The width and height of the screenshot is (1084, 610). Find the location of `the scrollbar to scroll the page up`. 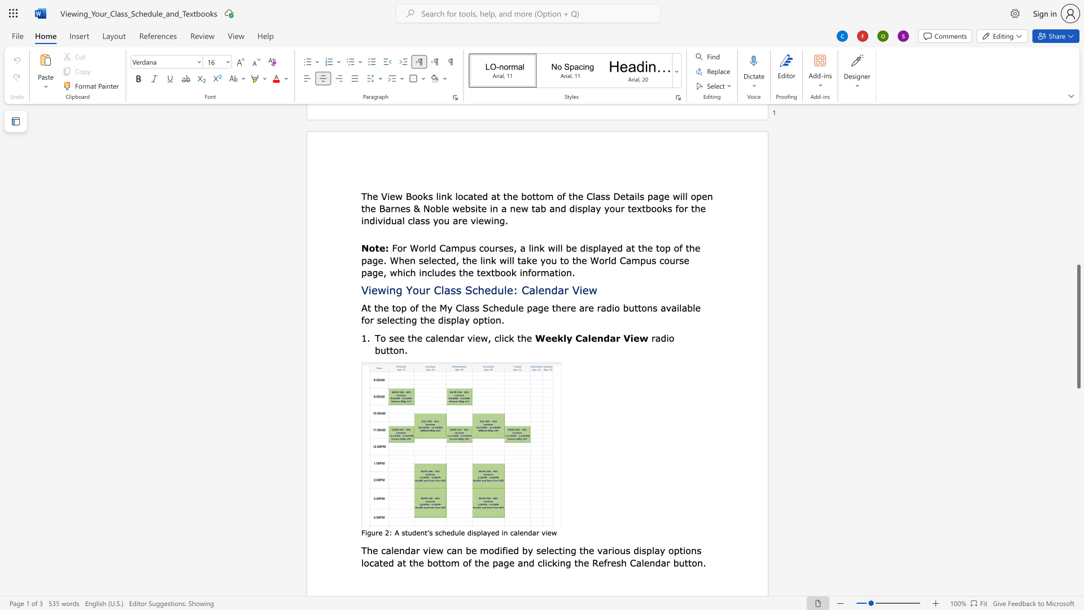

the scrollbar to scroll the page up is located at coordinates (1078, 254).